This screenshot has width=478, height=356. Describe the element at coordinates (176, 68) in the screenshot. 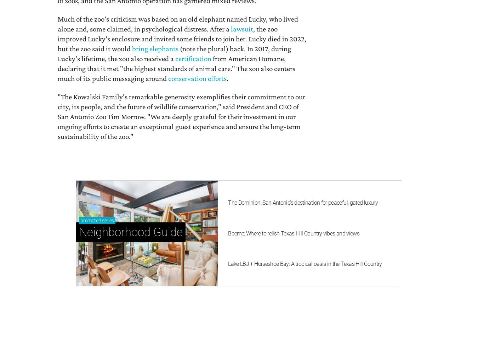

I see `'from American Humane, declaring that it met "the highest standards of animal care." The zoo also centers much of its public messaging around'` at that location.